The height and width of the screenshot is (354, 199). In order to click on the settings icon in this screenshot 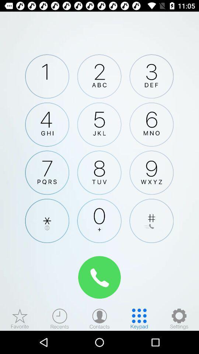, I will do `click(179, 318)`.